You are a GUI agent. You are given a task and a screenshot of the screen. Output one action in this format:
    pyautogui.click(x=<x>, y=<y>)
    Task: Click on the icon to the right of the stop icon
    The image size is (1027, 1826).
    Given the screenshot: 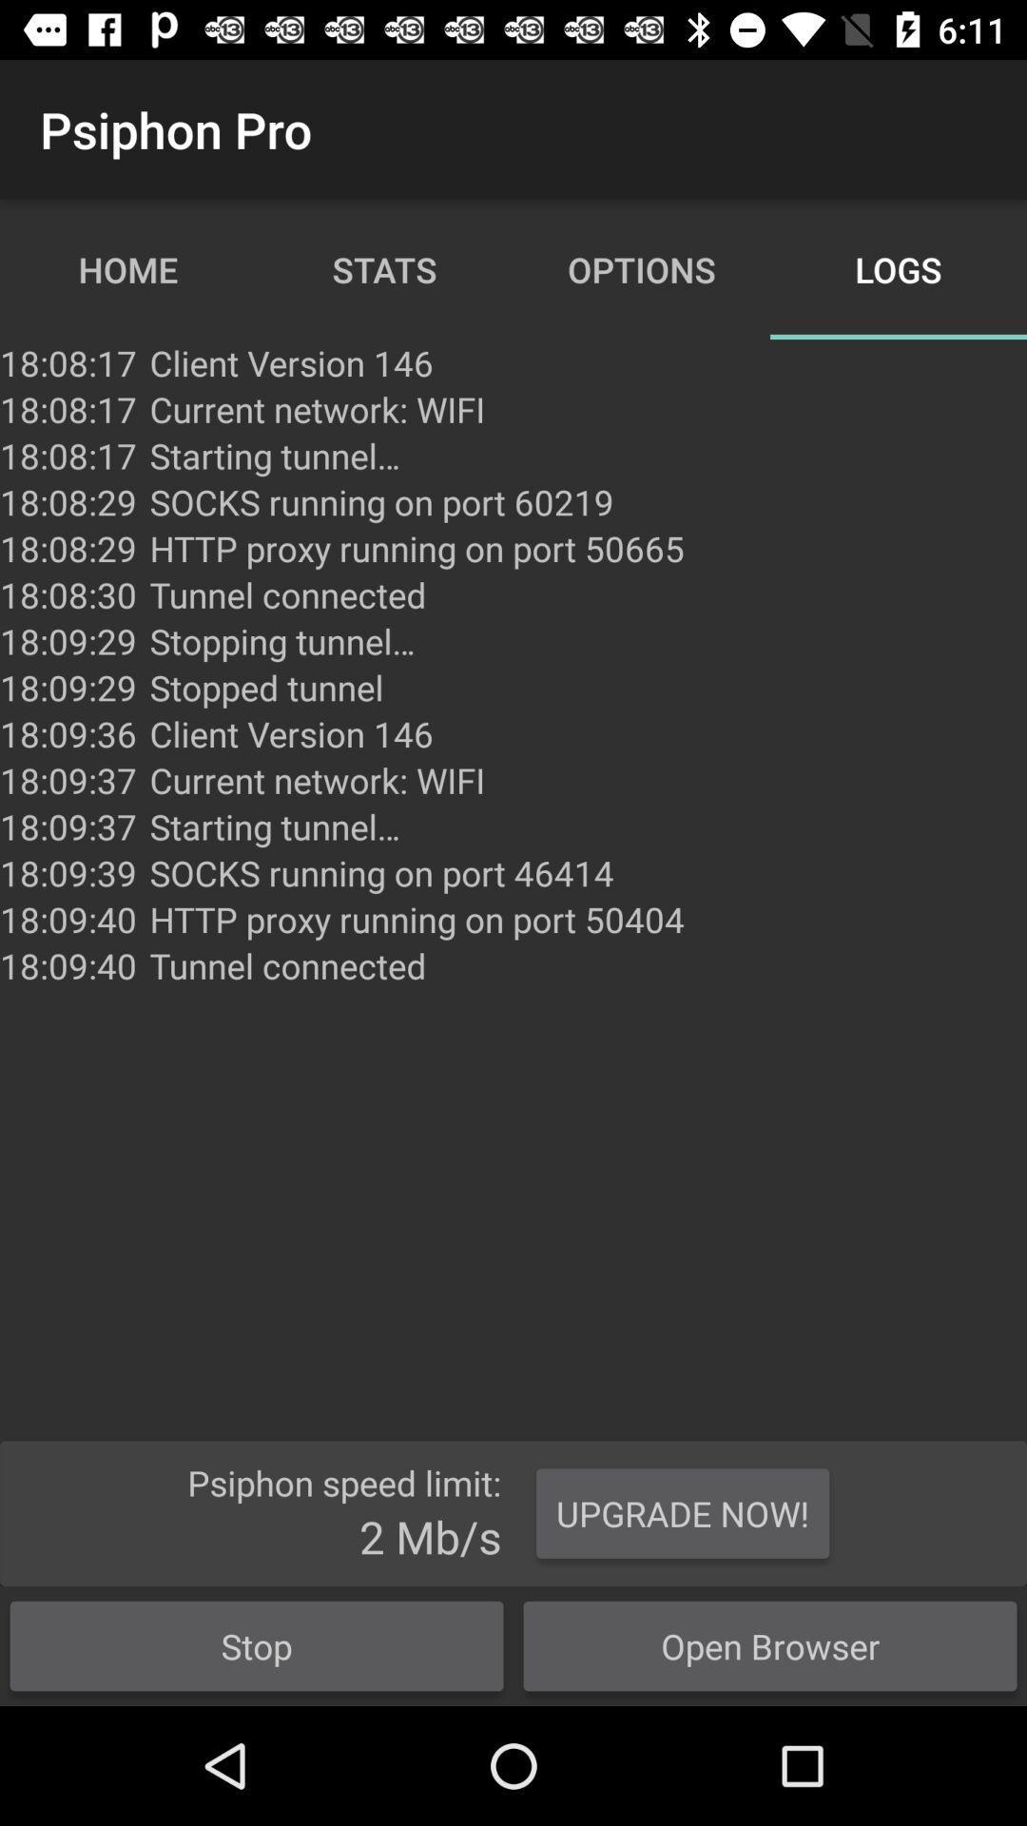 What is the action you would take?
    pyautogui.click(x=682, y=1512)
    